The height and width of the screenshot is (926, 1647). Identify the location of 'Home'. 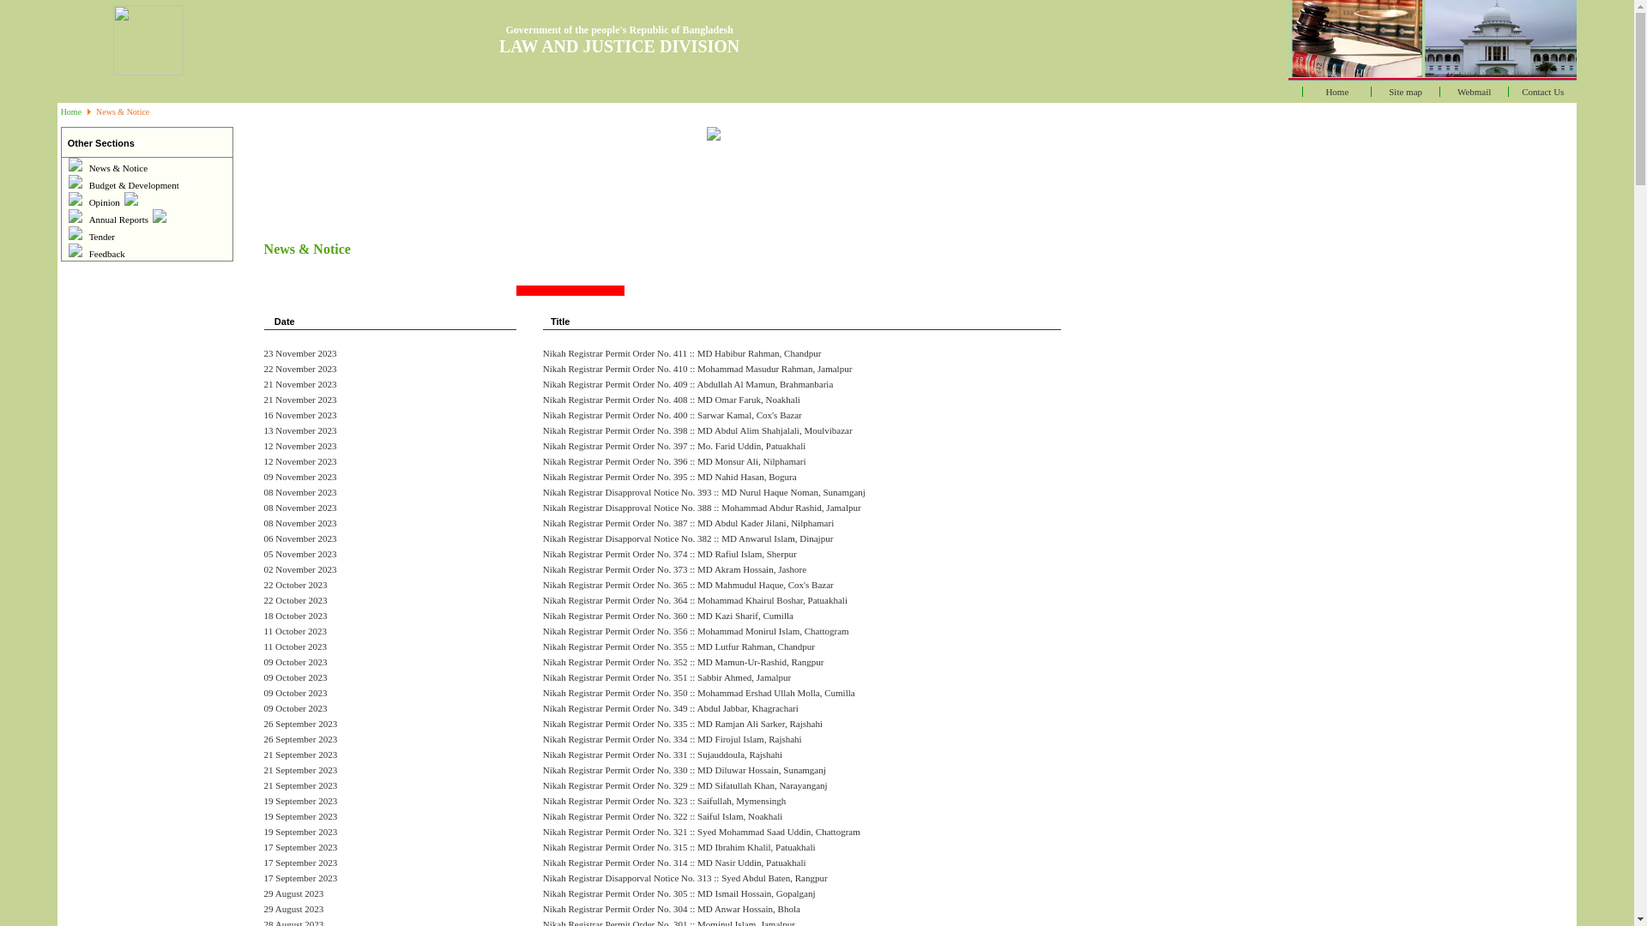
(61, 111).